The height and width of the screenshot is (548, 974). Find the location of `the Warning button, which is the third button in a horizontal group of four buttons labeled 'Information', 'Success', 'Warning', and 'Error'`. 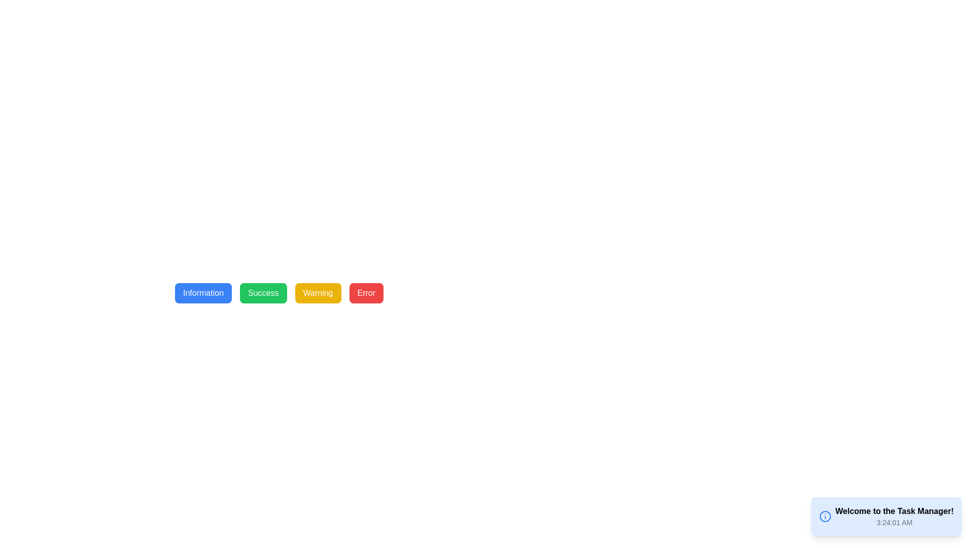

the Warning button, which is the third button in a horizontal group of four buttons labeled 'Information', 'Success', 'Warning', and 'Error' is located at coordinates (318, 293).